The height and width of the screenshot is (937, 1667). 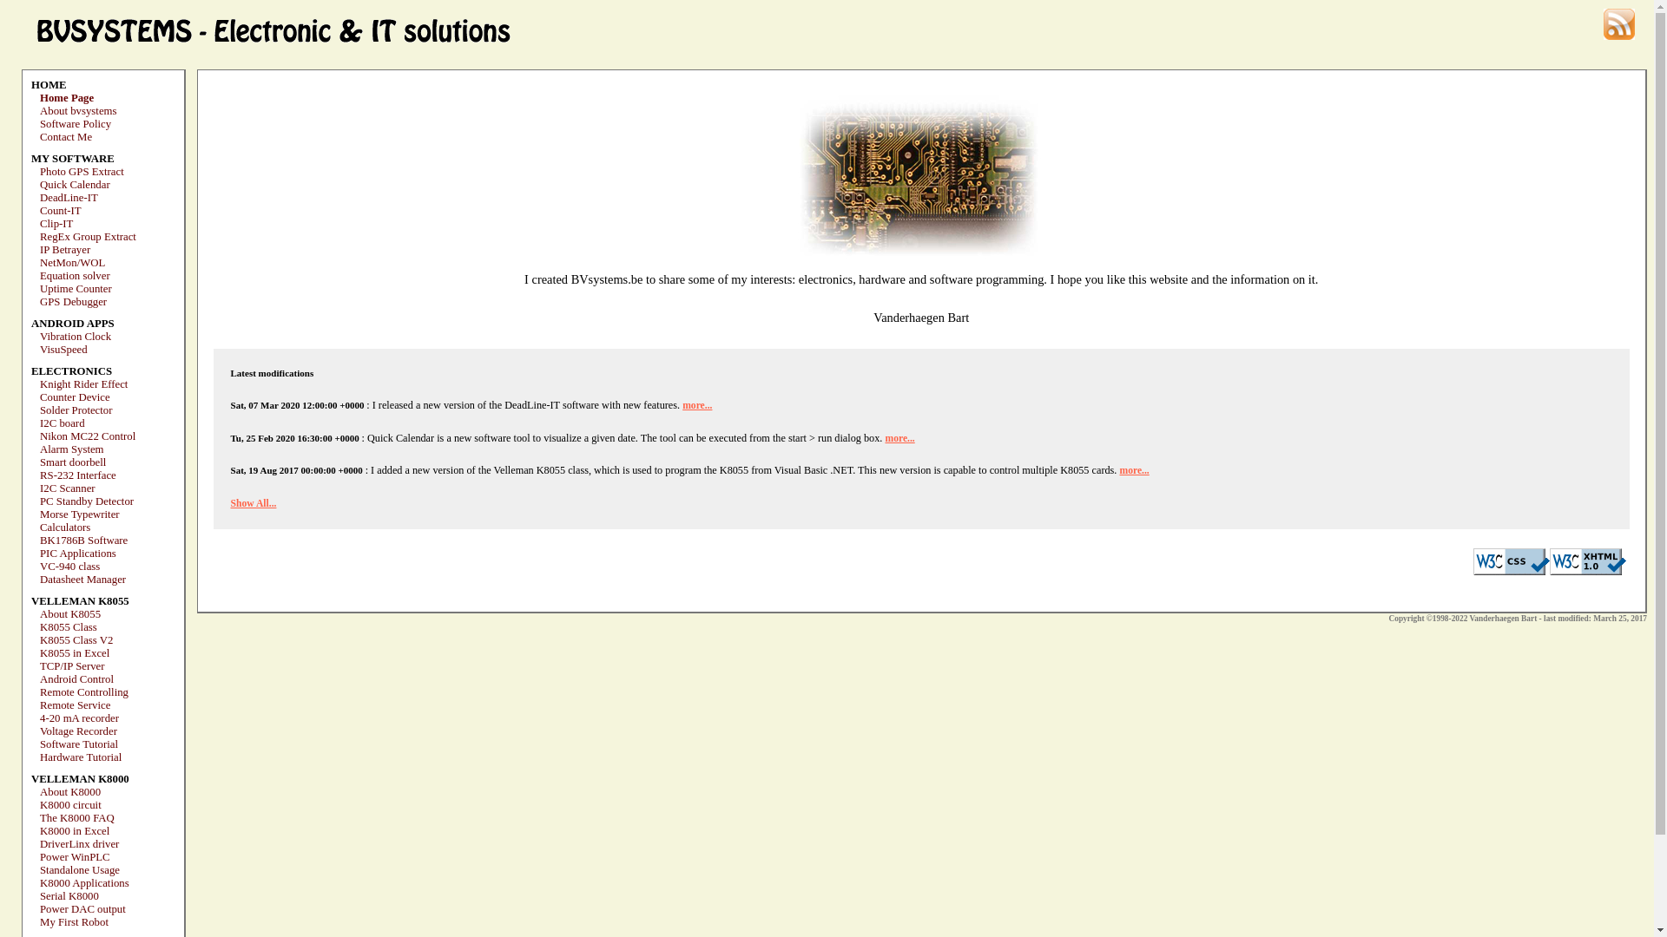 I want to click on 'Power WinPLC', so click(x=40, y=855).